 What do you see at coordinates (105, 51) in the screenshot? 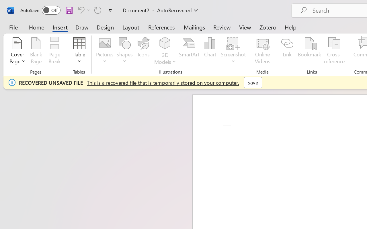
I see `'Pictures'` at bounding box center [105, 51].